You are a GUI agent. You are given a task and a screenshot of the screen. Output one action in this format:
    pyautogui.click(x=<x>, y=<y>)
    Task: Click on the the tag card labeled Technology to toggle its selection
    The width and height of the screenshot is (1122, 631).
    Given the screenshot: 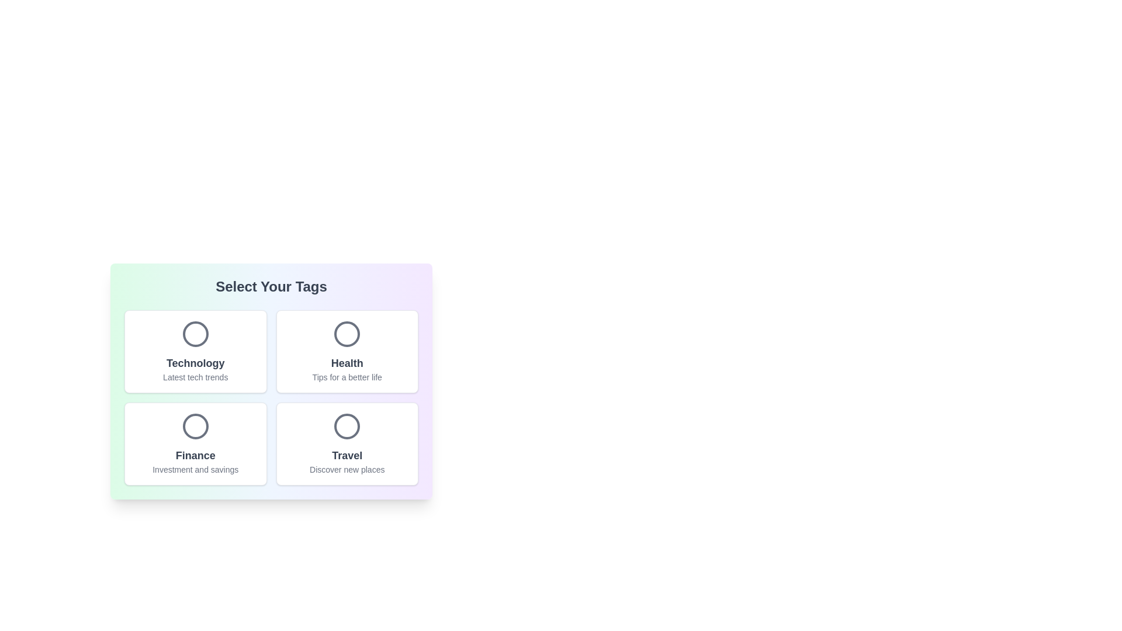 What is the action you would take?
    pyautogui.click(x=195, y=351)
    